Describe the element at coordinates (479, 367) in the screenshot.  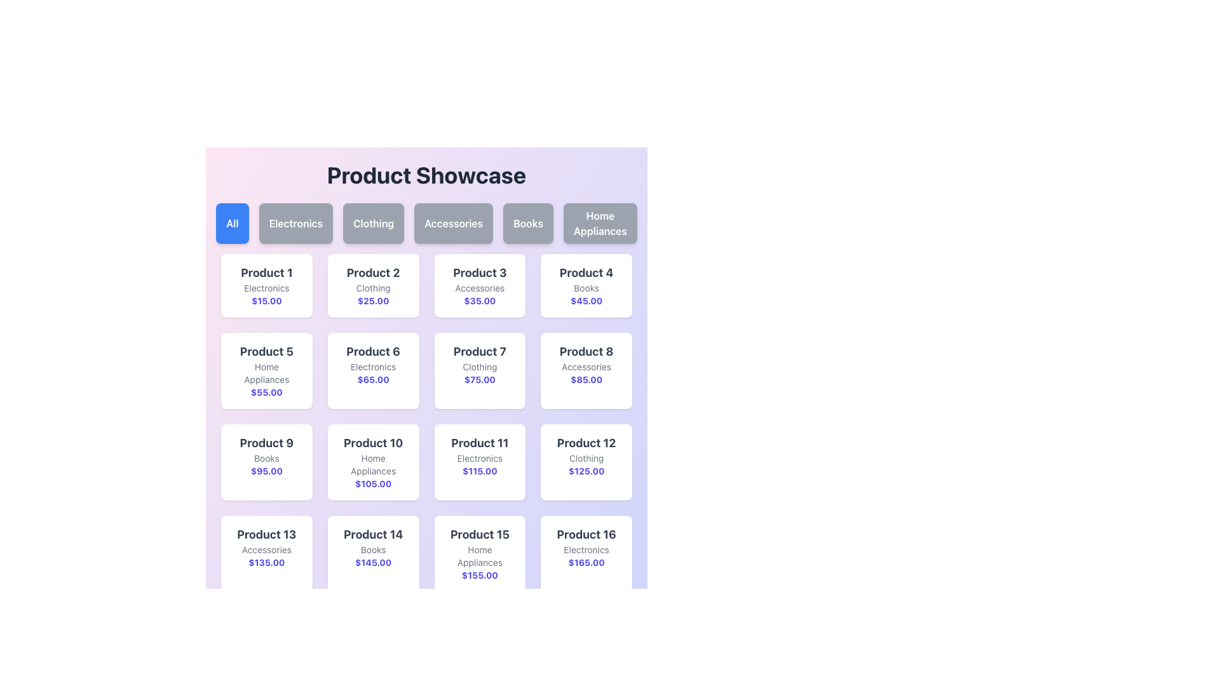
I see `the Text label indicating the category for 'Product 7', located below the product title and above the price information` at that location.